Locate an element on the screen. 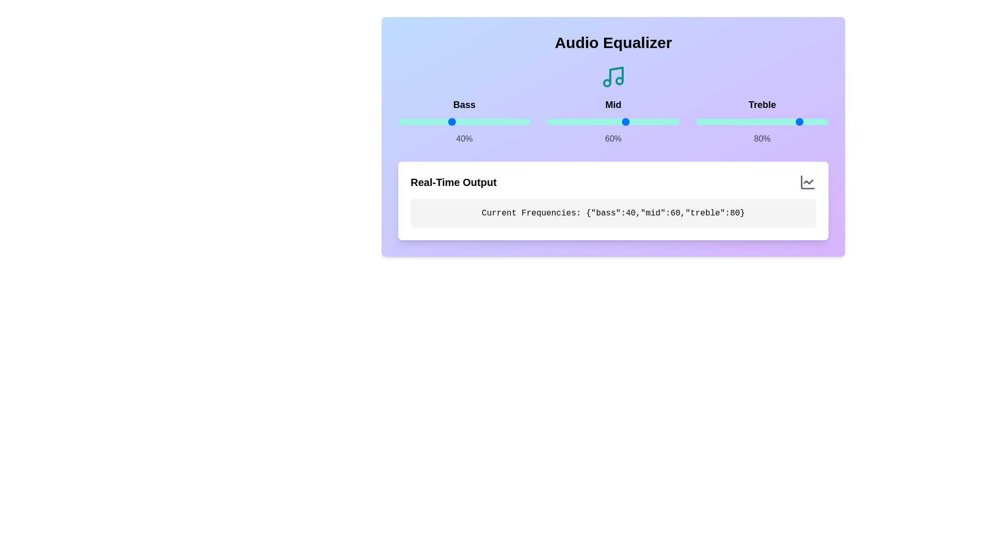  bass level is located at coordinates (428, 121).